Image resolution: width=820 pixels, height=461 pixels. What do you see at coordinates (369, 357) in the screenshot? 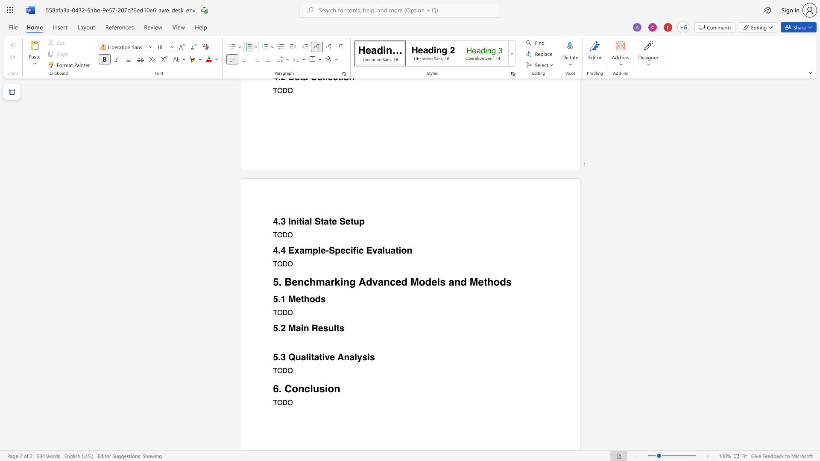
I see `the 3th character "i" in the text` at bounding box center [369, 357].